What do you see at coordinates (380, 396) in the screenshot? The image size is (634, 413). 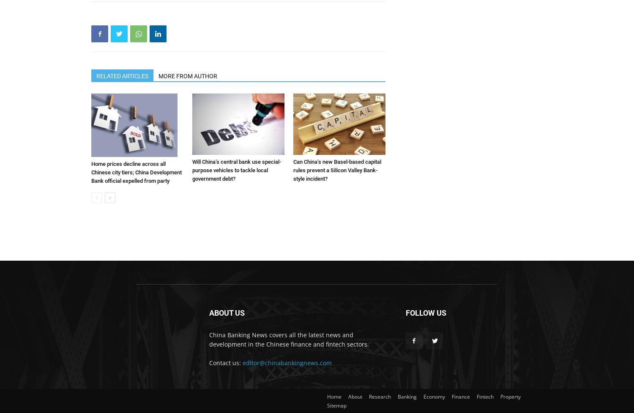 I see `'Research'` at bounding box center [380, 396].